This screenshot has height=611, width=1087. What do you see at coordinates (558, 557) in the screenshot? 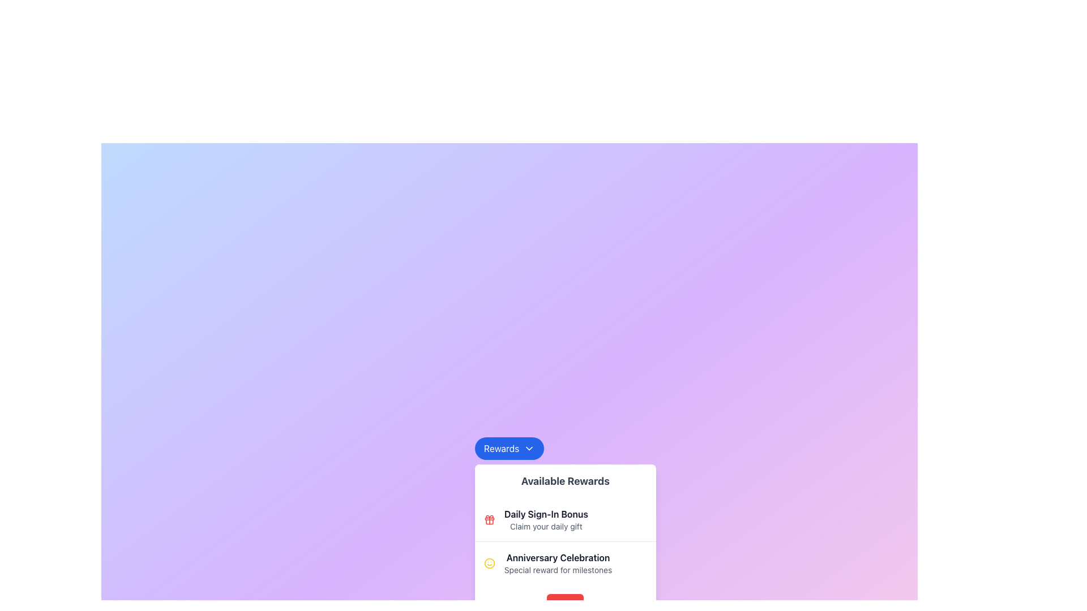
I see `text label 'Anniversary Celebration' which is styled in bold and located in the middle portion of the dialog box under the 'Daily Sign-In Bonus' section` at bounding box center [558, 557].